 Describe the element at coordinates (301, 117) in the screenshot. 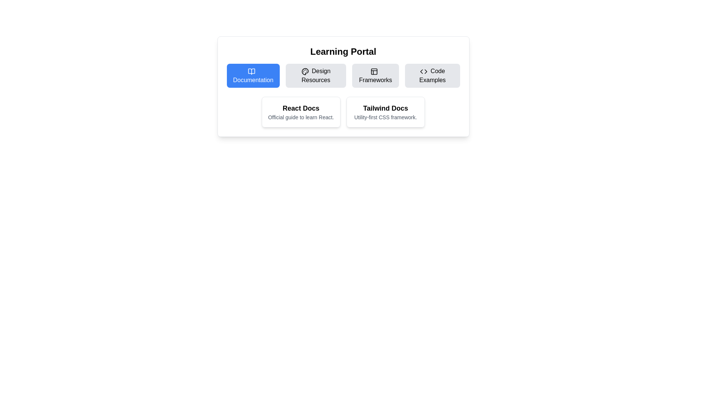

I see `the static text label that reads 'Official guide to learn React.' positioned below the heading 'React Docs'` at that location.